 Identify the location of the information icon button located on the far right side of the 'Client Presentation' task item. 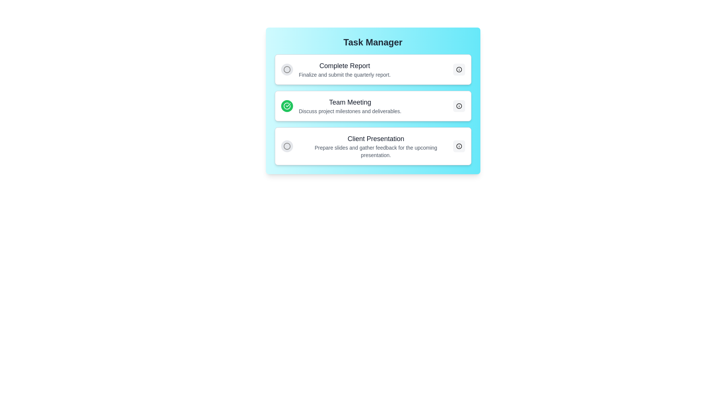
(458, 146).